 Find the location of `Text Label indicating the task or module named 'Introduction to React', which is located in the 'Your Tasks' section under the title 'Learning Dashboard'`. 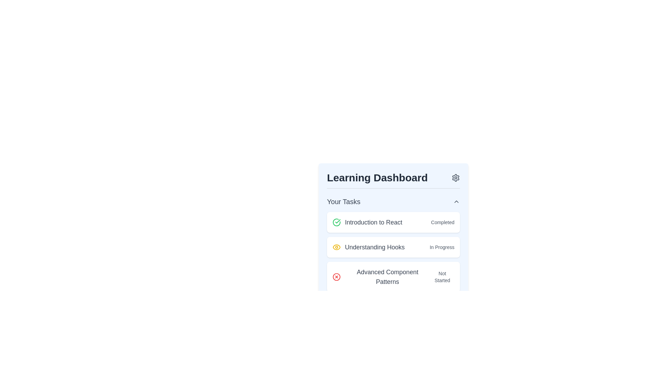

Text Label indicating the task or module named 'Introduction to React', which is located in the 'Your Tasks' section under the title 'Learning Dashboard' is located at coordinates (367, 222).